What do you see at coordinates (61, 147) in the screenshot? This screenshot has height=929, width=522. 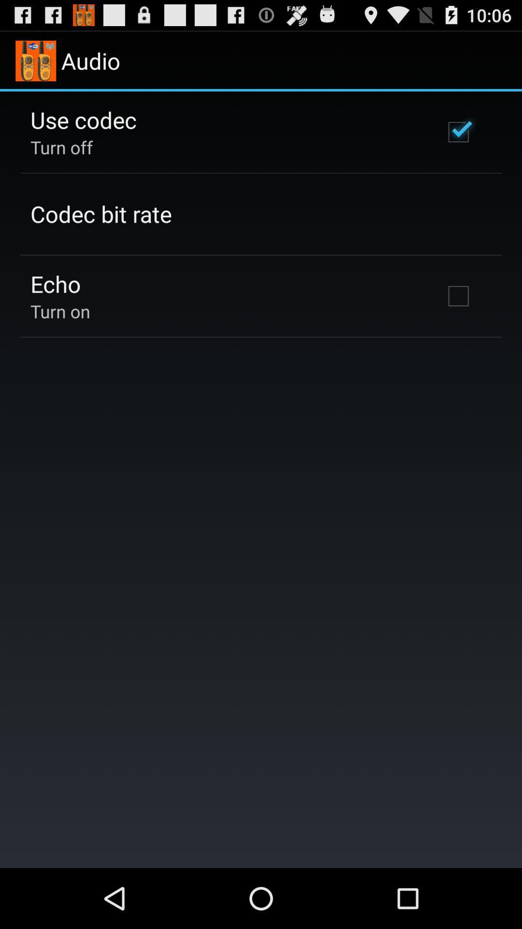 I see `item below the use codec app` at bounding box center [61, 147].